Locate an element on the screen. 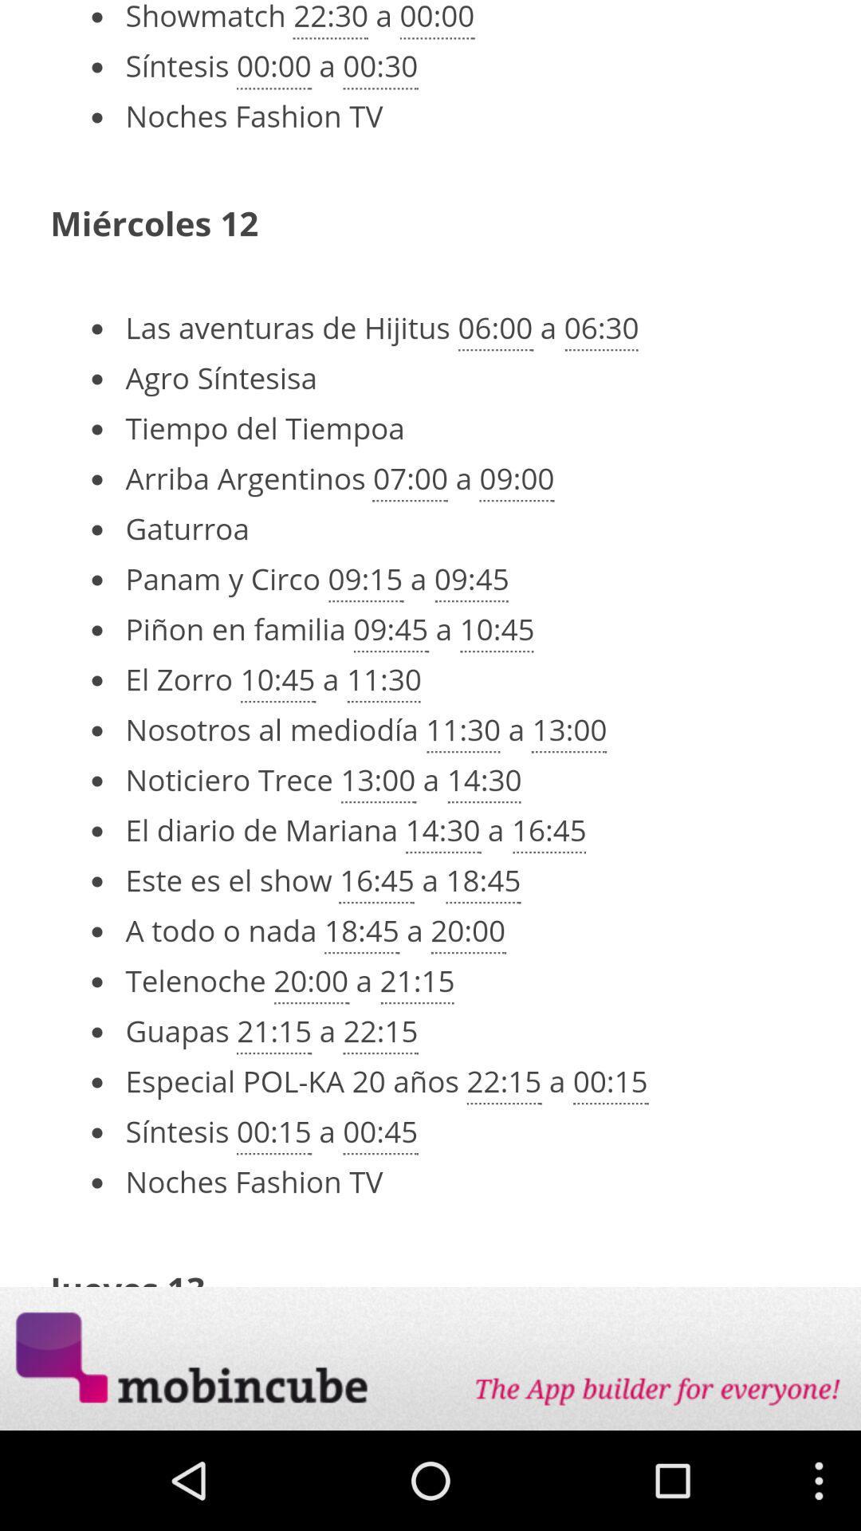 The height and width of the screenshot is (1531, 861). opens a advertisement is located at coordinates (431, 1358).